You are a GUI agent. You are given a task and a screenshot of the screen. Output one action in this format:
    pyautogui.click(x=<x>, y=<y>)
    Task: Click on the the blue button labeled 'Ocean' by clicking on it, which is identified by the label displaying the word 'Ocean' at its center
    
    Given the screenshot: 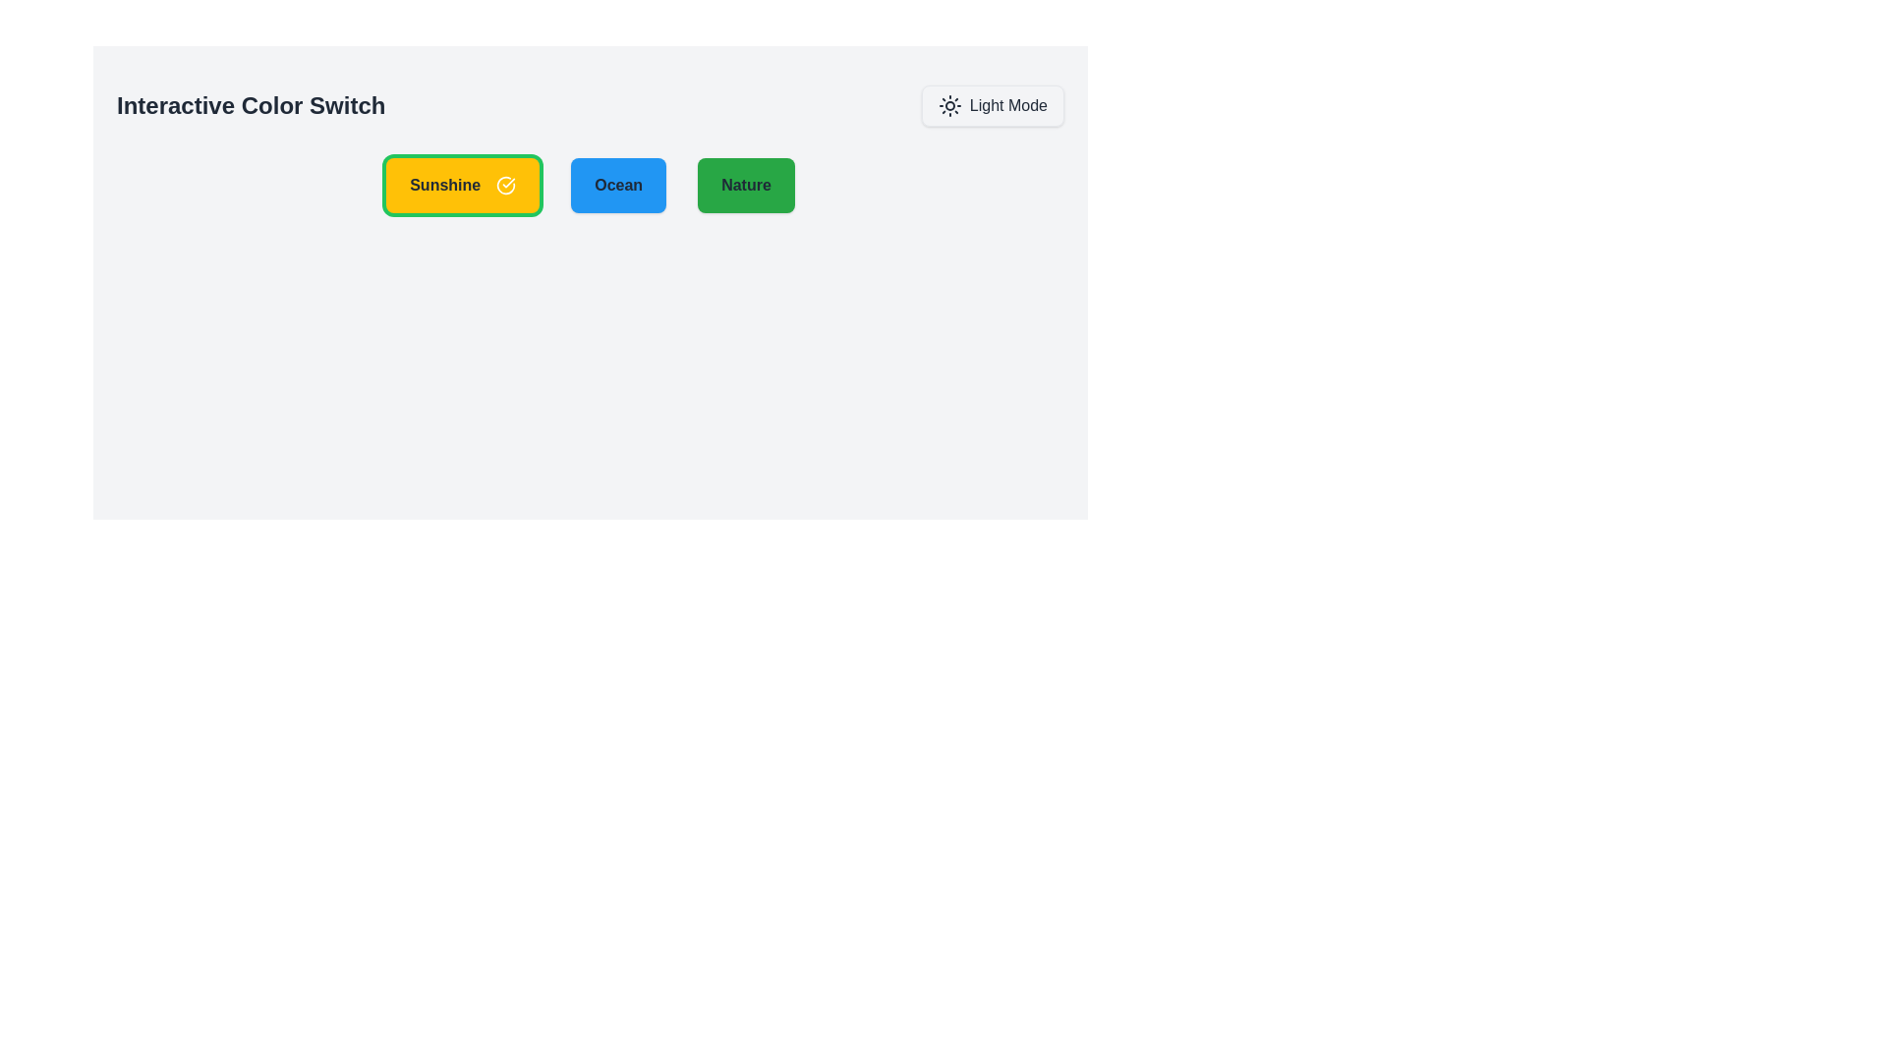 What is the action you would take?
    pyautogui.click(x=617, y=186)
    